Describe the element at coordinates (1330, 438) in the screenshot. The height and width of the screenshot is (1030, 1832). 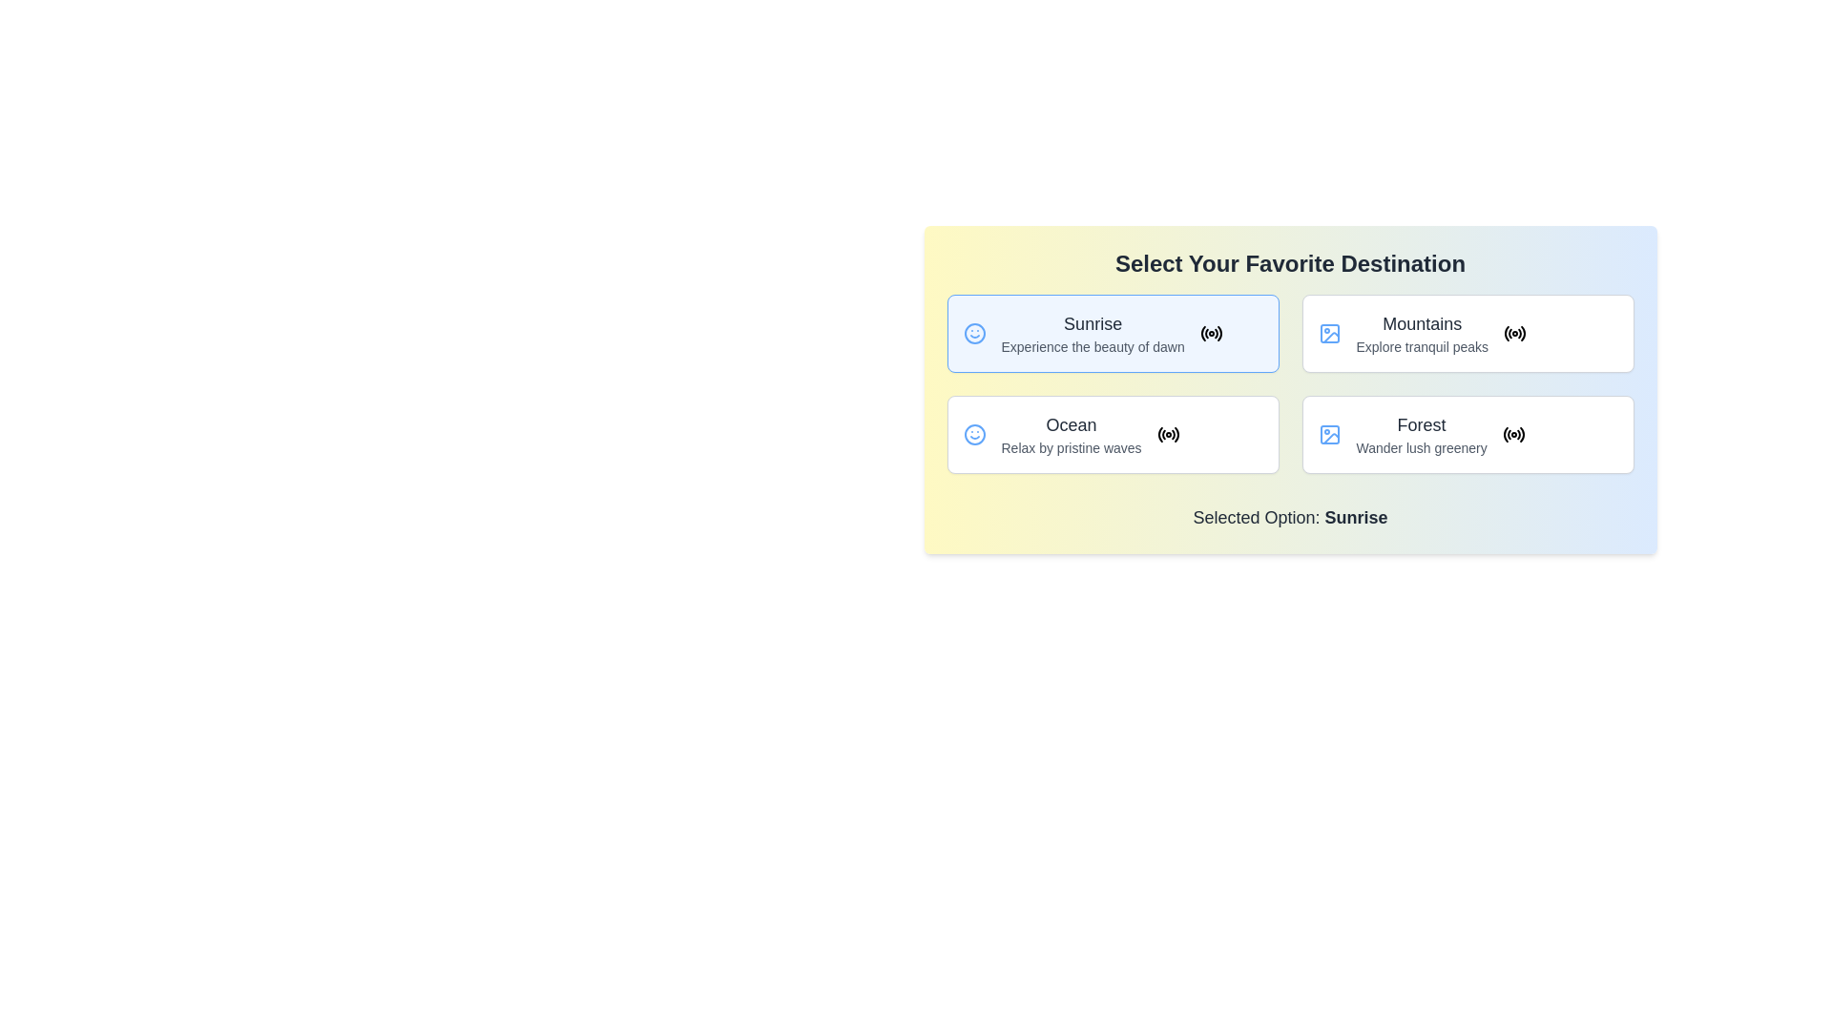
I see `the Decorative graphical UI component that is part of the 'Mountains' button, located in the top right corner of the interface` at that location.